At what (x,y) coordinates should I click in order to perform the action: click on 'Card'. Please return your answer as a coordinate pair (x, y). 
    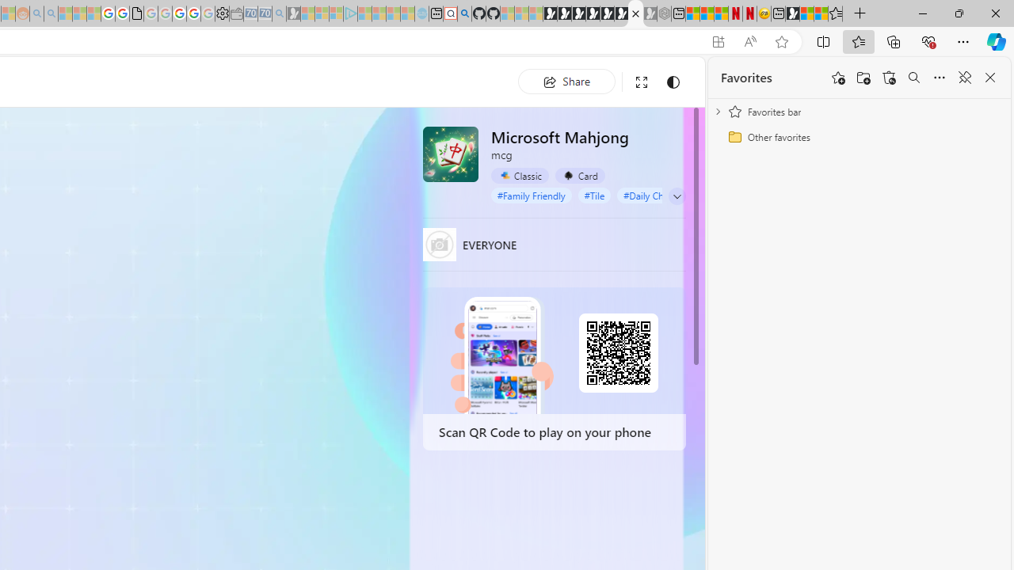
    Looking at the image, I should click on (579, 176).